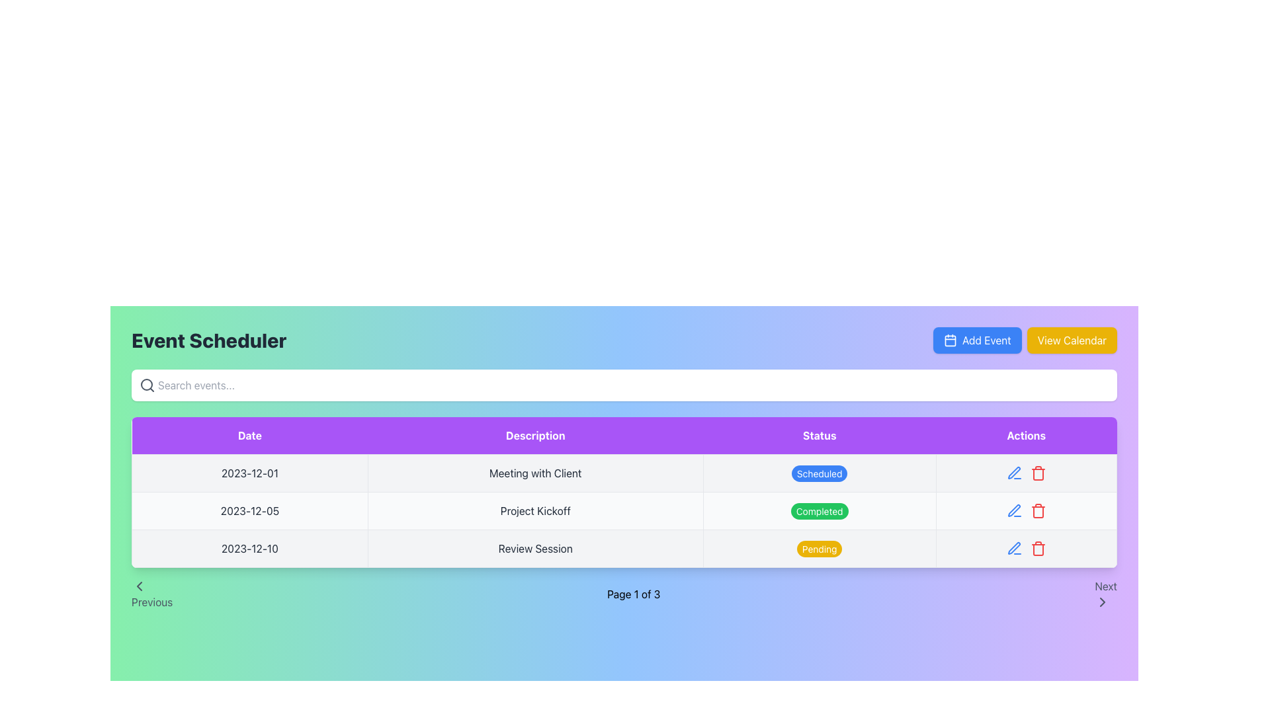 The image size is (1270, 714). Describe the element at coordinates (535, 436) in the screenshot. I see `the Text Label with a purple background that contains the text 'Description', which is the second column header located between the 'Date' and 'Status' columns` at that location.